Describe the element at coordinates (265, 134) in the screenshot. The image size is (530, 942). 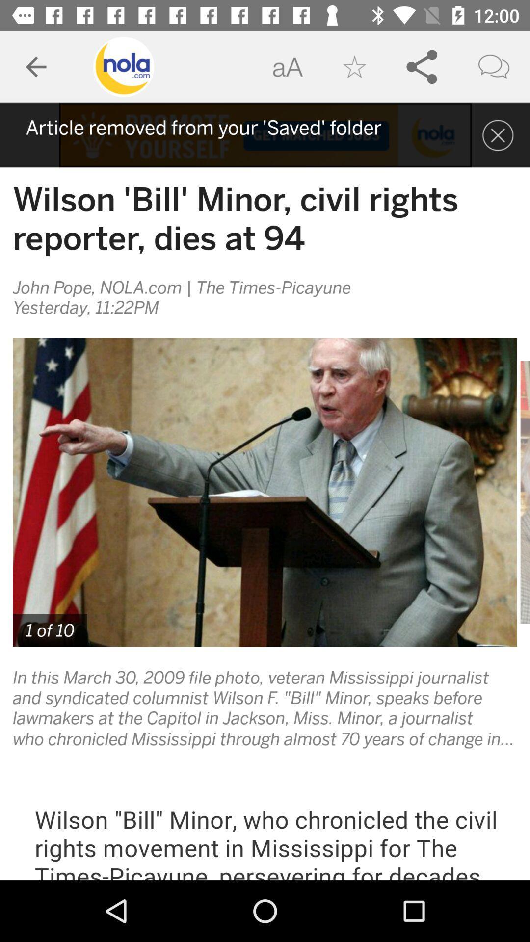
I see `added article` at that location.